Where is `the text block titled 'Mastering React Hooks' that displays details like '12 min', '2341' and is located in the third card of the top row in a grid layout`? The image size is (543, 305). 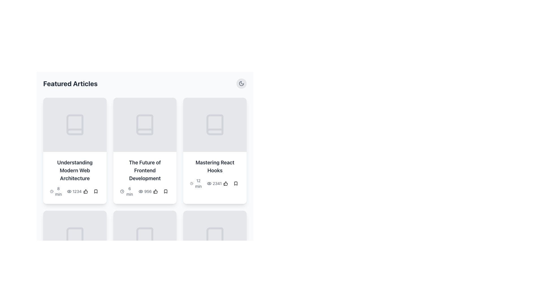 the text block titled 'Mastering React Hooks' that displays details like '12 min', '2341' and is located in the third card of the top row in a grid layout is located at coordinates (215, 174).